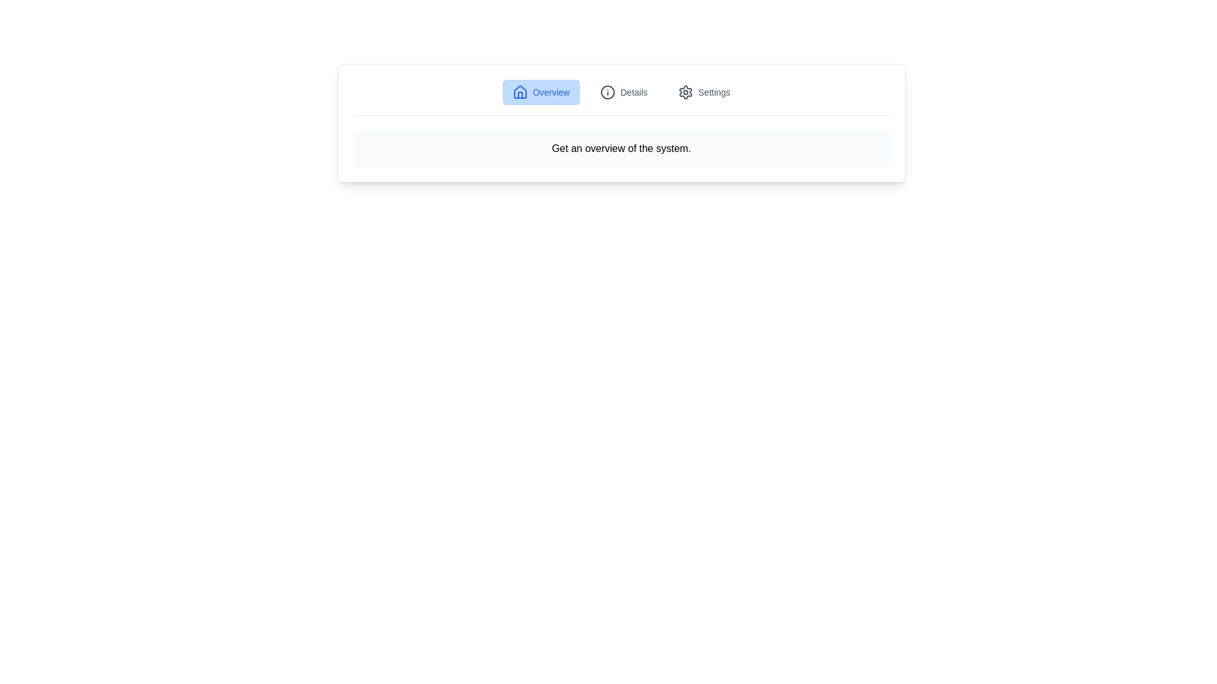 The image size is (1217, 684). What do you see at coordinates (607, 92) in the screenshot?
I see `the circular information icon within the 'Details' button, which is styled with a dark outline and located in the top navigation bar` at bounding box center [607, 92].